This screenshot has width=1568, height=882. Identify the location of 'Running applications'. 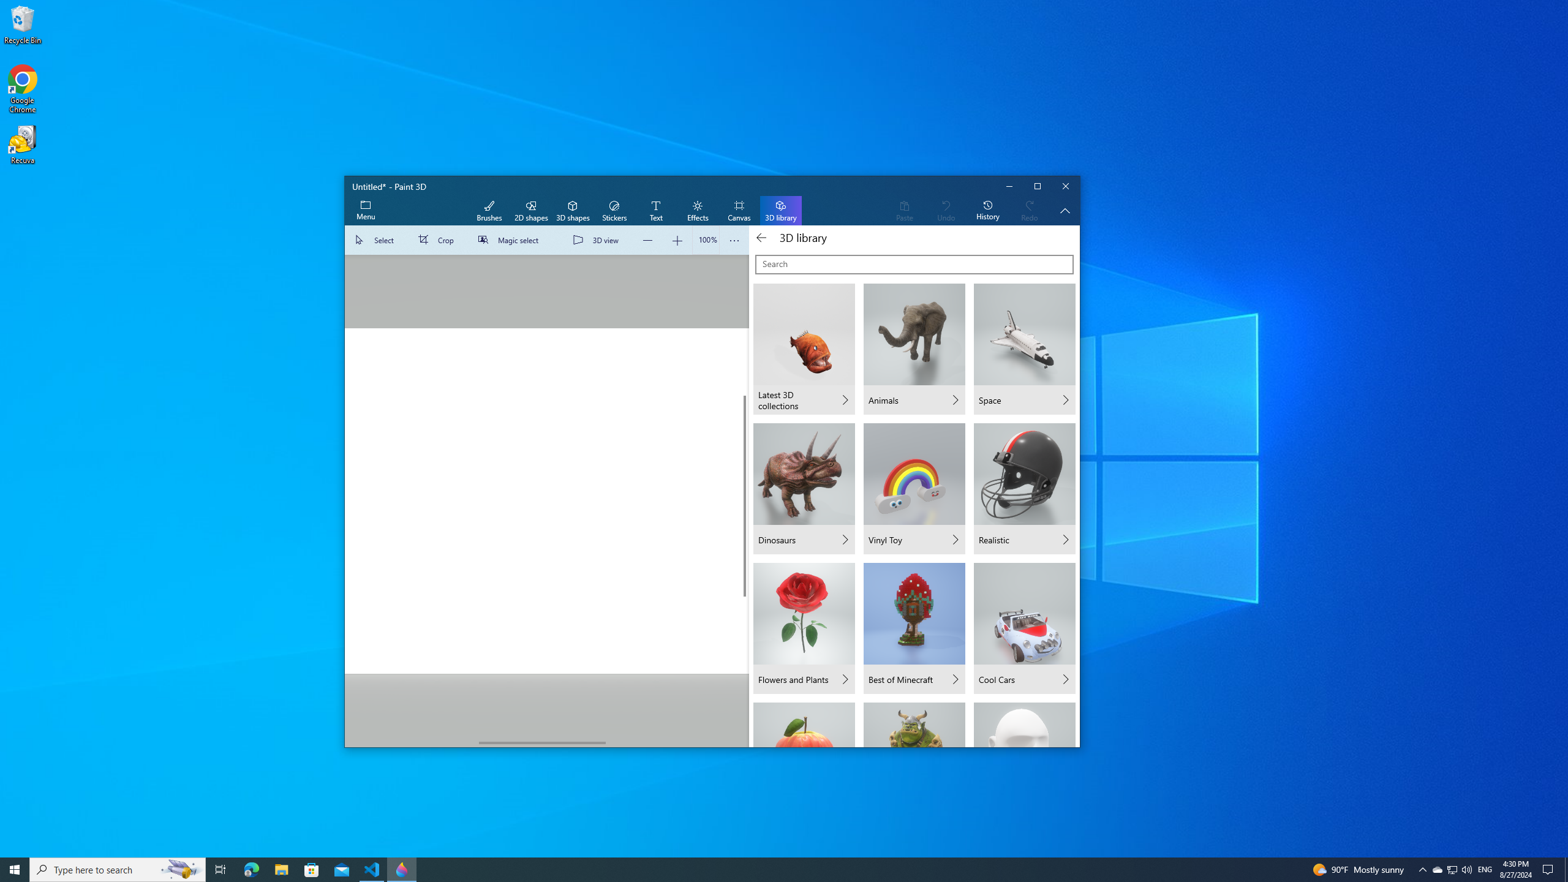
(761, 869).